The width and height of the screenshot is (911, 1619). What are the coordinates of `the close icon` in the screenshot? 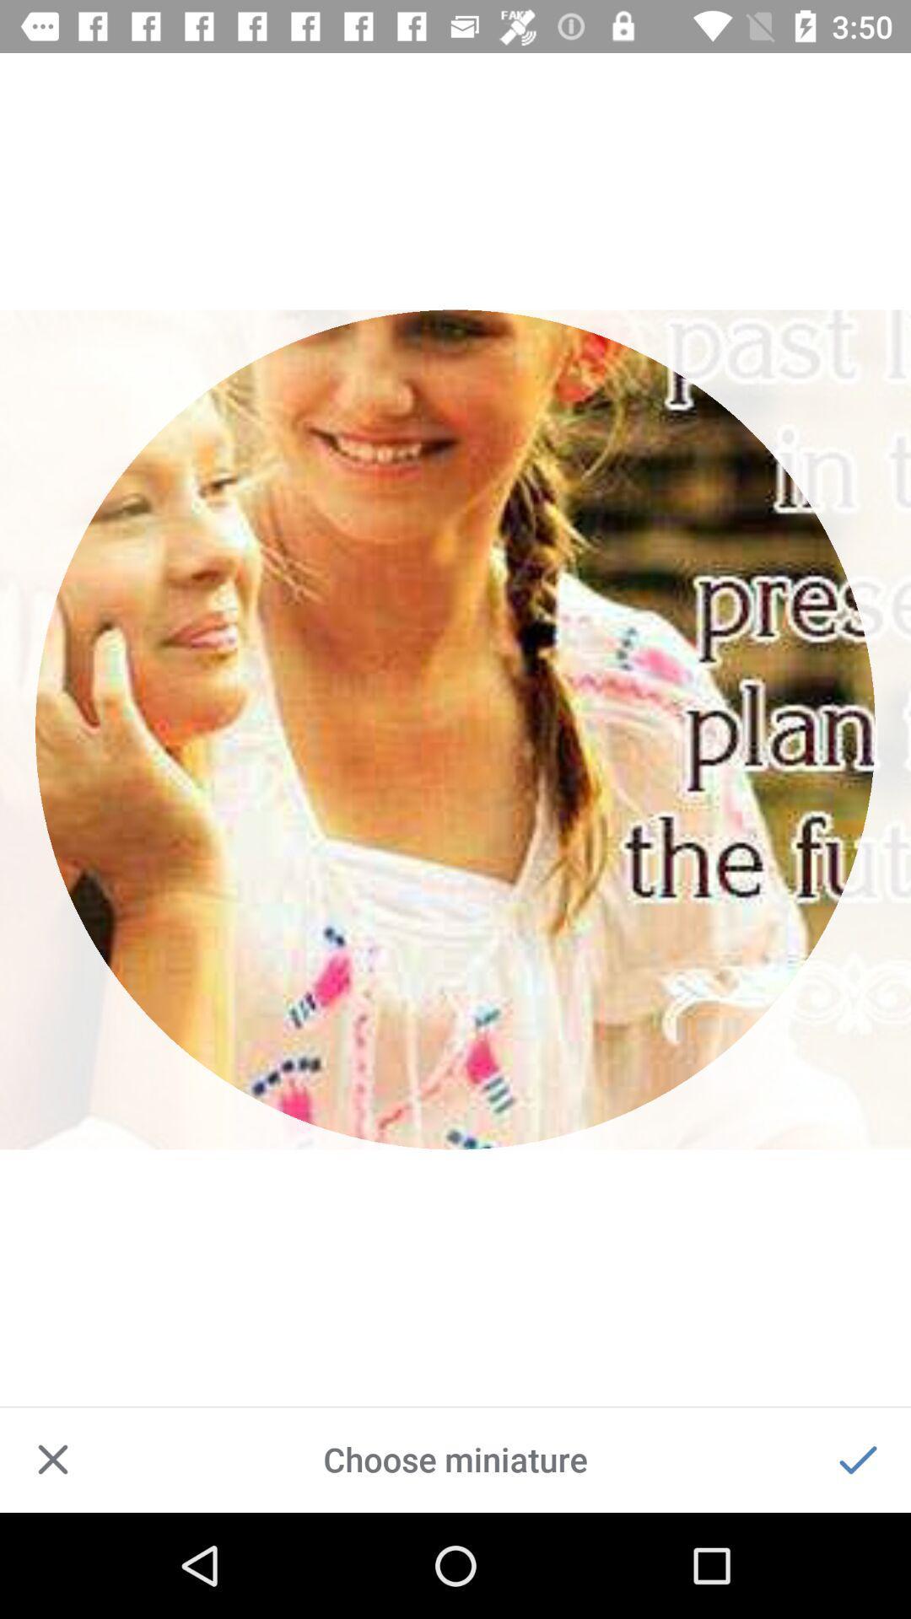 It's located at (51, 1459).